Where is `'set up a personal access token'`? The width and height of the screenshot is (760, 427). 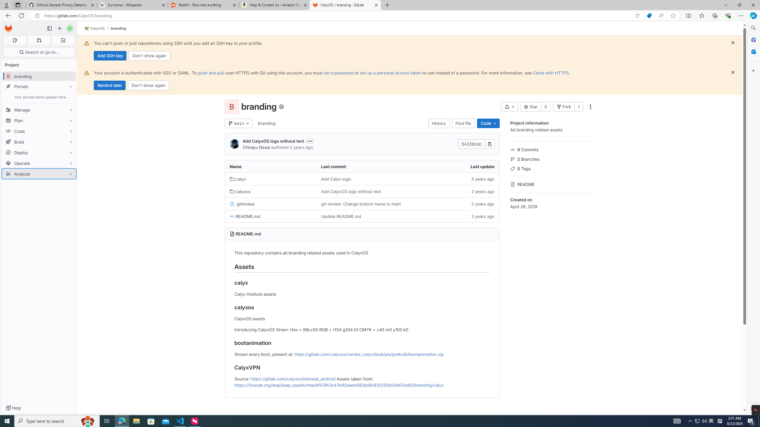 'set up a personal access token' is located at coordinates (390, 73).